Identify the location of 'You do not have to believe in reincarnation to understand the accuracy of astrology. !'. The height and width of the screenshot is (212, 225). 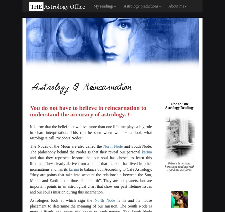
(88, 111).